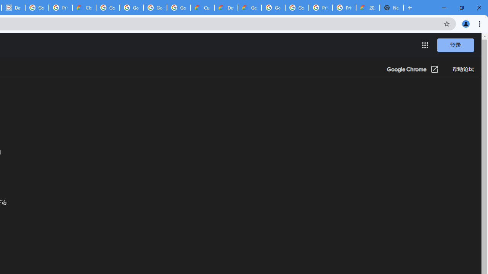  What do you see at coordinates (249, 8) in the screenshot?
I see `'Gemini for Business and Developers | Google Cloud'` at bounding box center [249, 8].